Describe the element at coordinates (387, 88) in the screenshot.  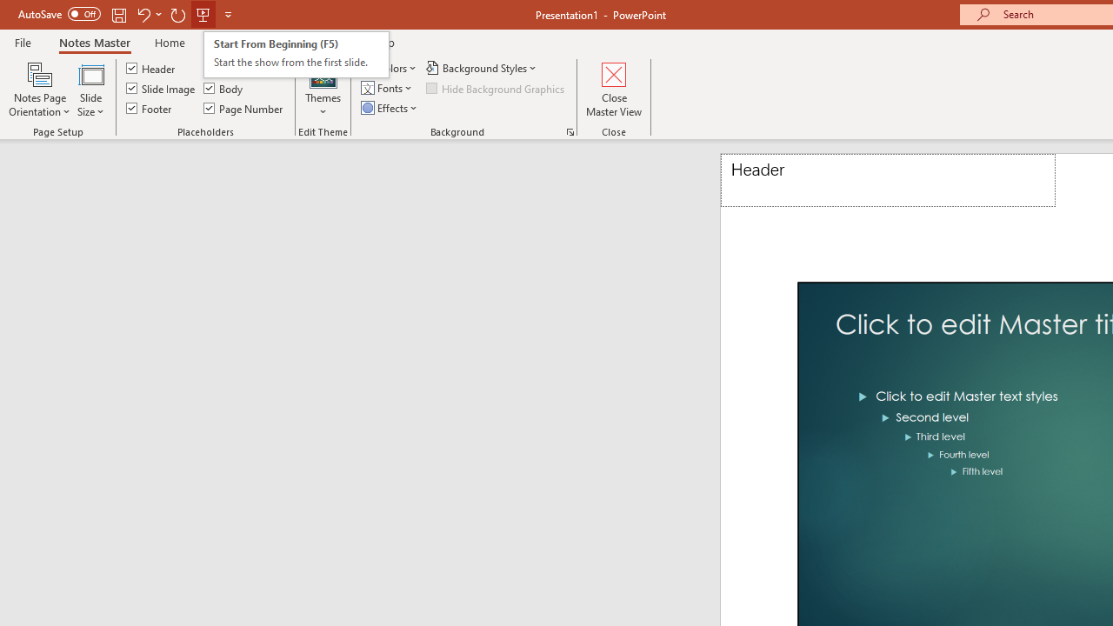
I see `'Fonts'` at that location.